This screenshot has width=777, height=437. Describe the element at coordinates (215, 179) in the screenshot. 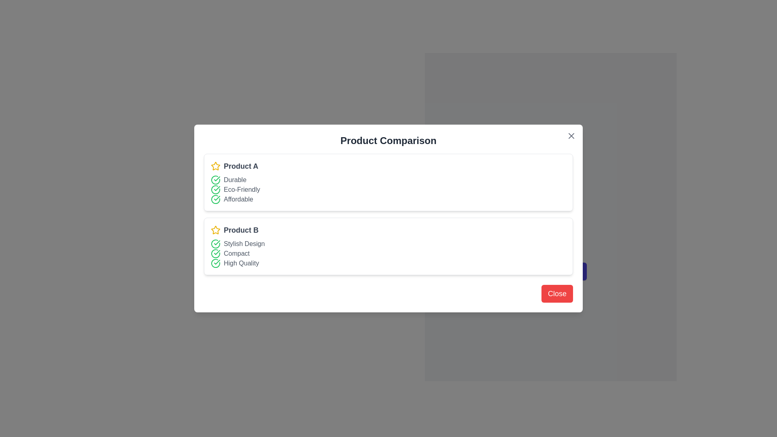

I see `the meaning of the check mark pattern represented` at that location.